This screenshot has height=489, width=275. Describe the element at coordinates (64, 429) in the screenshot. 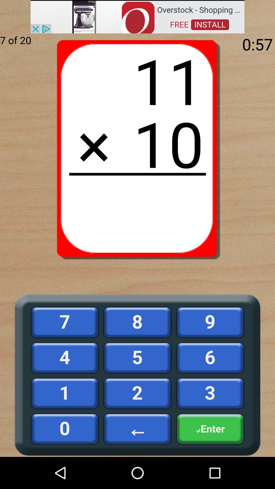

I see `the number 0 on keypad` at that location.